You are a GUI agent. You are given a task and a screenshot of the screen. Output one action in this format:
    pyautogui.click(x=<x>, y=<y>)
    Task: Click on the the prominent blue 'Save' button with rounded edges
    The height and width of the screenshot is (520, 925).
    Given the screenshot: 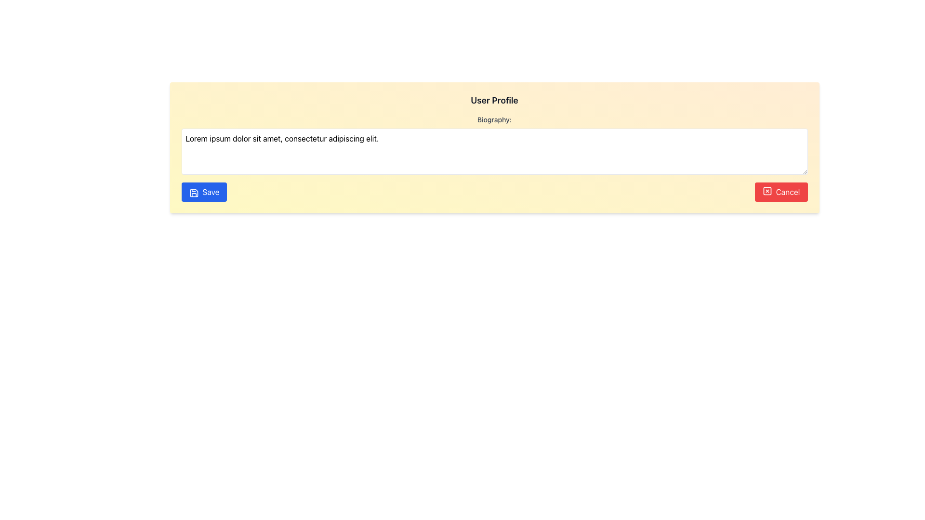 What is the action you would take?
    pyautogui.click(x=203, y=192)
    